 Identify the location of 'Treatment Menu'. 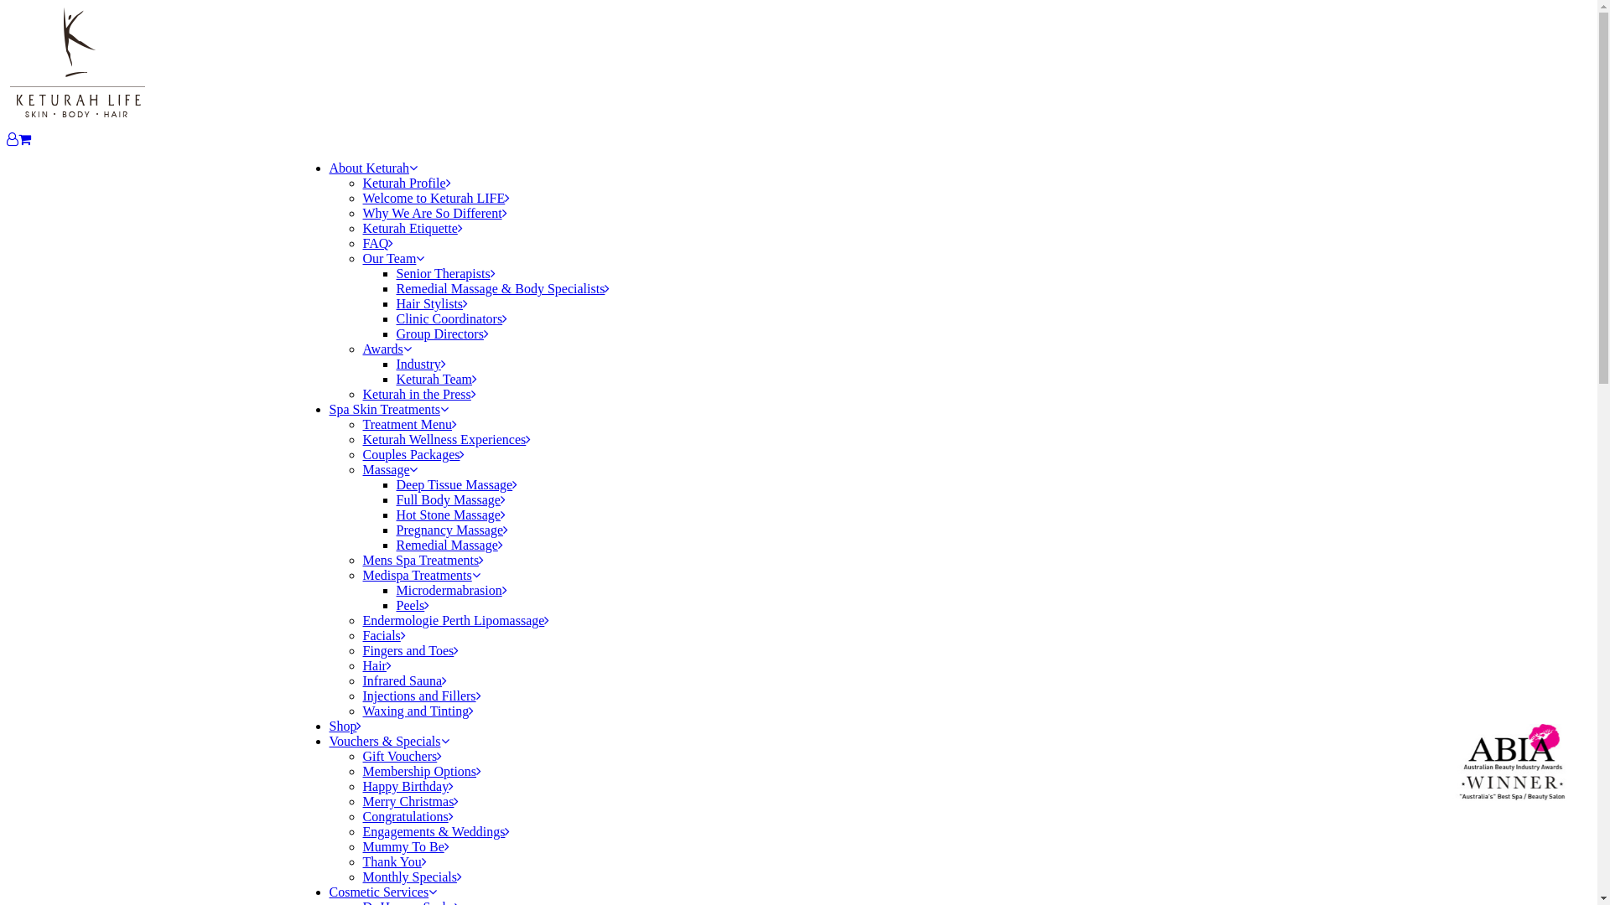
(361, 423).